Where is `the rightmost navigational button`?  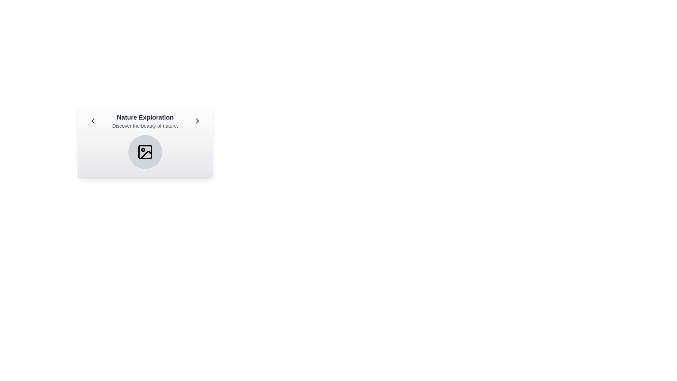
the rightmost navigational button is located at coordinates (197, 121).